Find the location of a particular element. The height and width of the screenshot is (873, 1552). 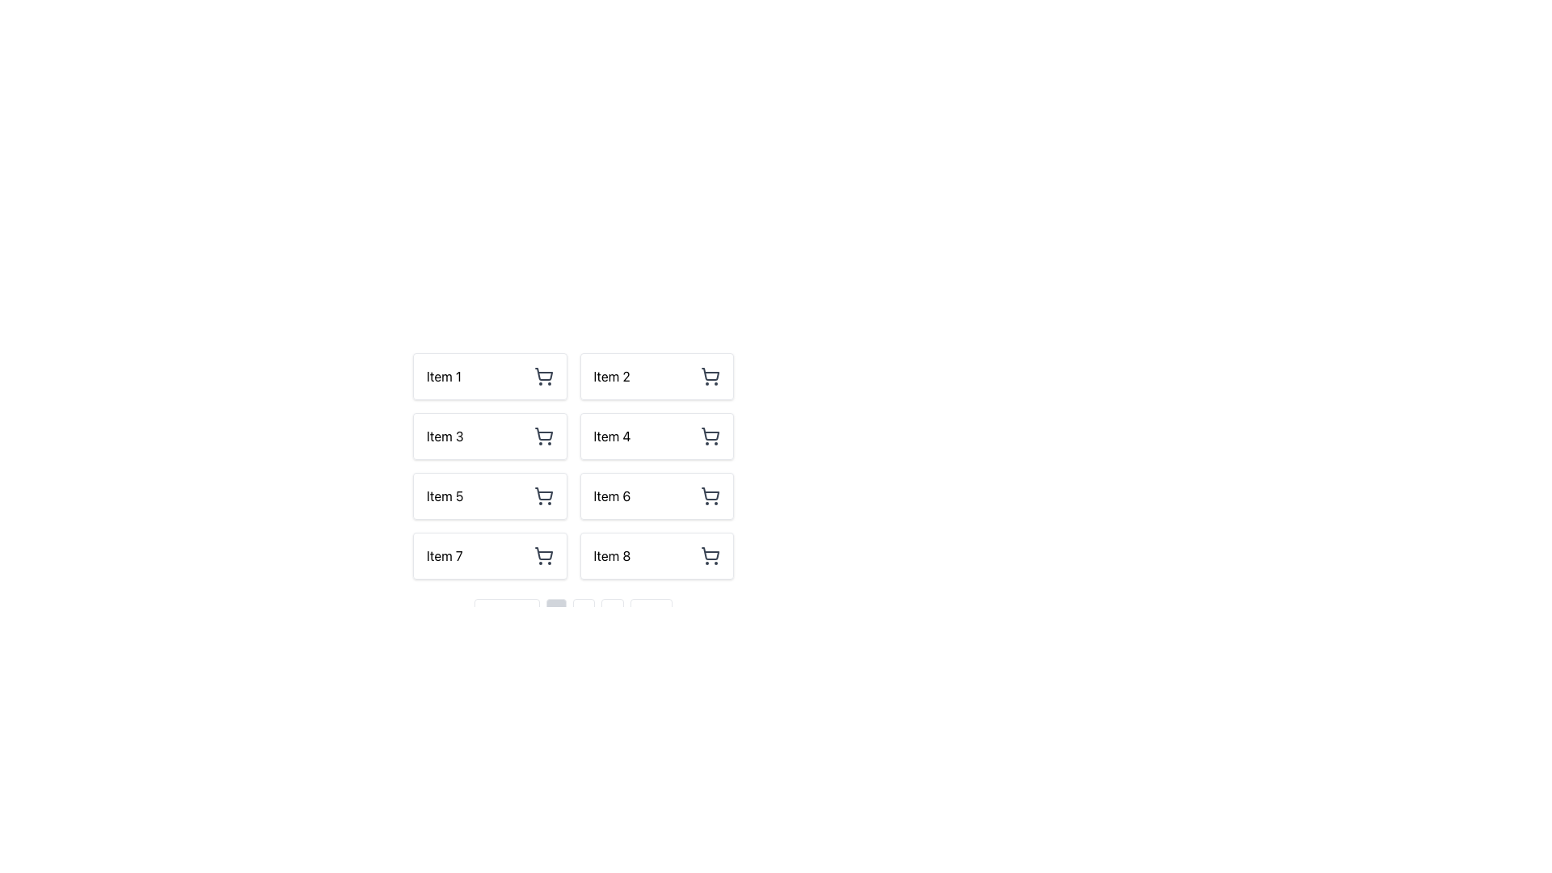

the Grid component is located at coordinates (573, 466).